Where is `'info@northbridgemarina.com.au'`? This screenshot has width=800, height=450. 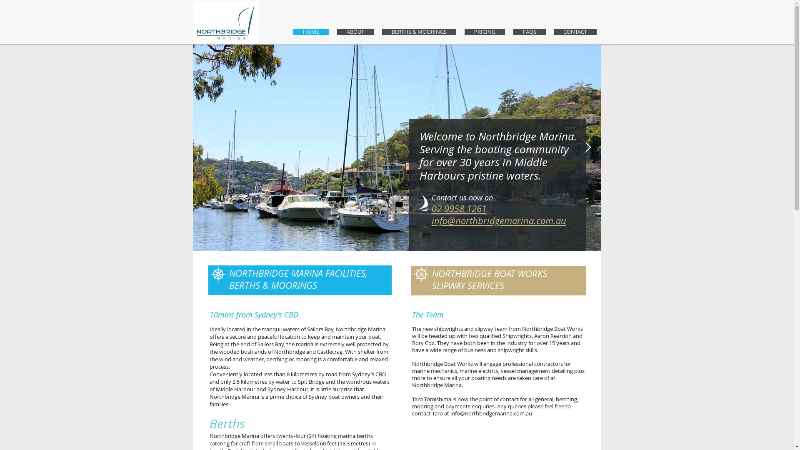
'info@northbridgemarina.com.au' is located at coordinates (499, 220).